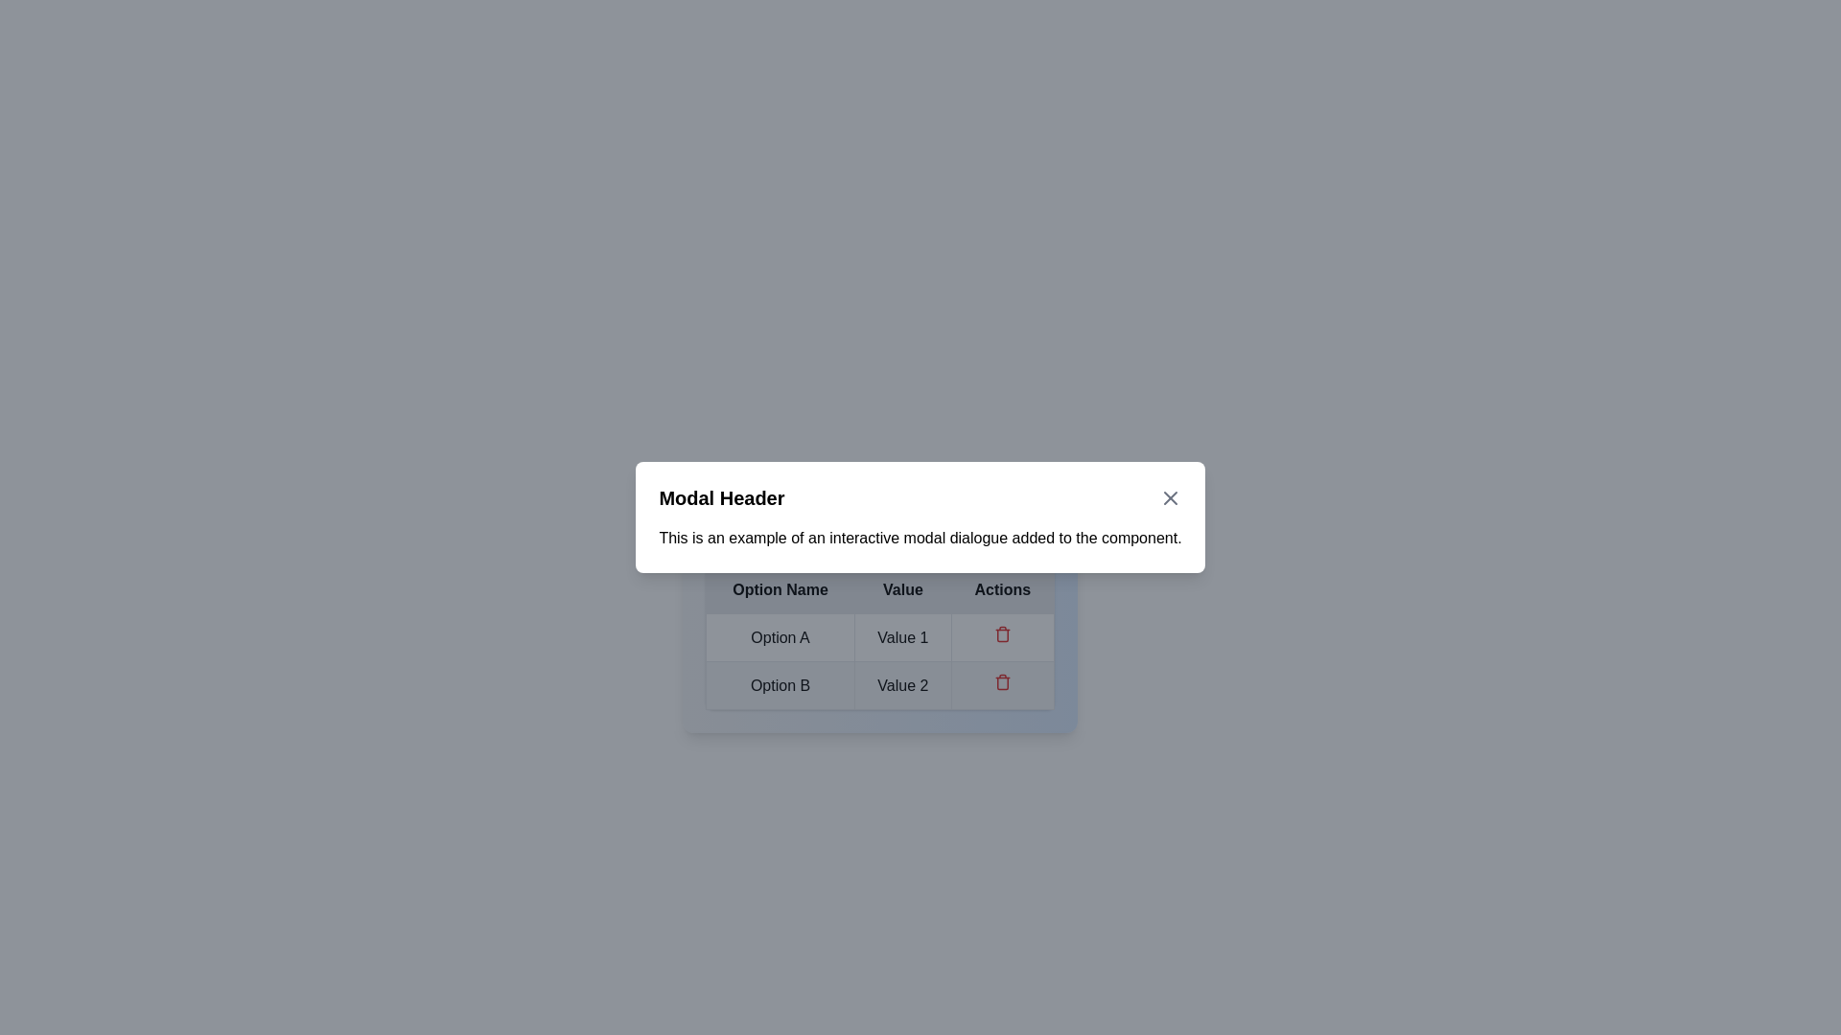  Describe the element at coordinates (1001, 681) in the screenshot. I see `the delete icon button in the 'Actions' column of the second row, which is associated with 'Option B'` at that location.